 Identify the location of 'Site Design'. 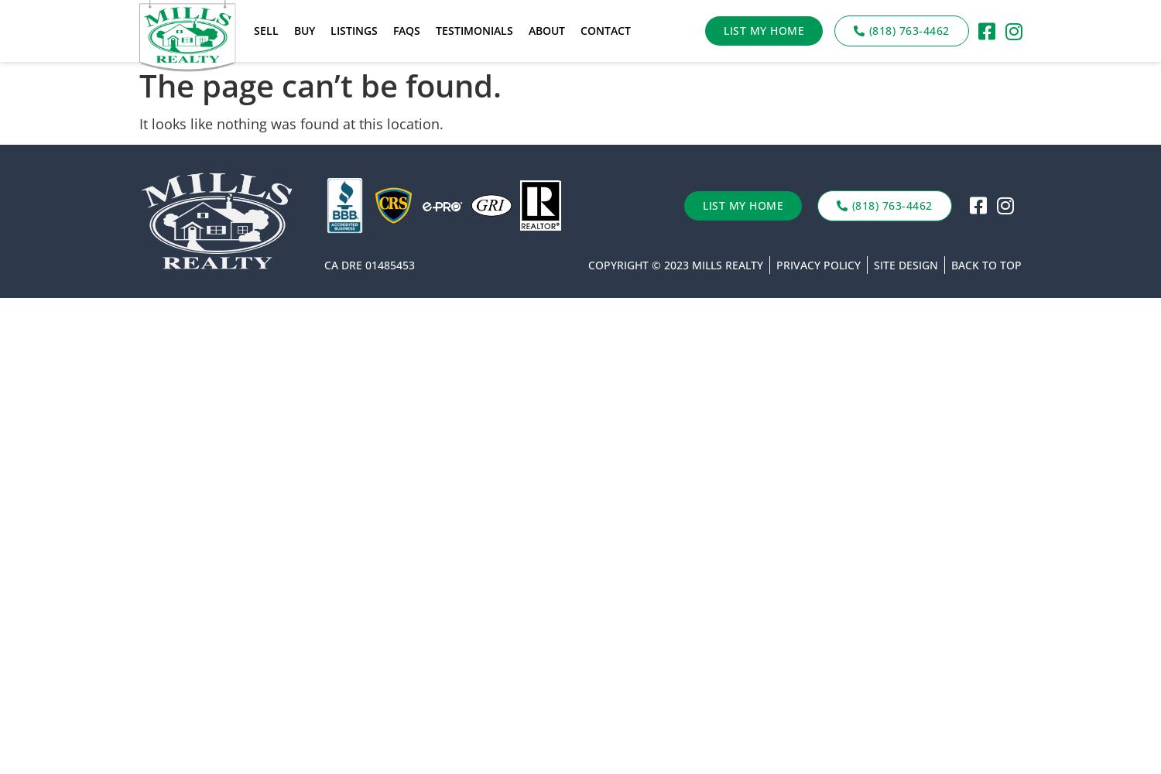
(905, 263).